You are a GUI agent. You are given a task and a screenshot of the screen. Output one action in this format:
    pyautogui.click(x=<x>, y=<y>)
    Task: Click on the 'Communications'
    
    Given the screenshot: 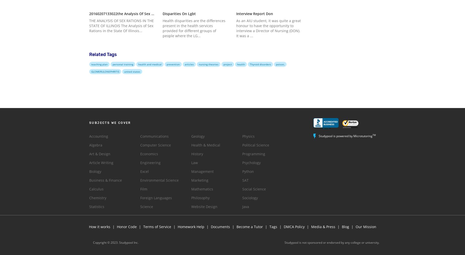 What is the action you would take?
    pyautogui.click(x=154, y=136)
    